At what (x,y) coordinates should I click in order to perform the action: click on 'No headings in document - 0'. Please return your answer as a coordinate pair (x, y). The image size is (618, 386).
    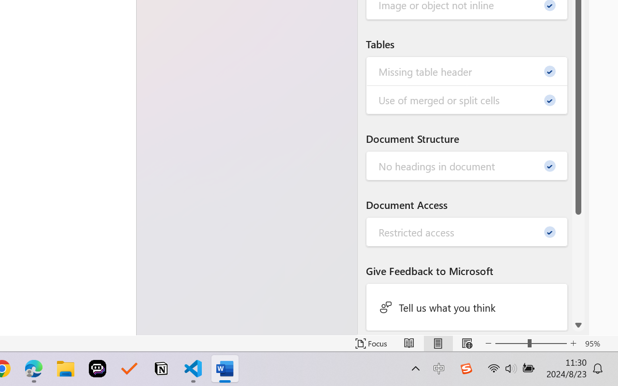
    Looking at the image, I should click on (467, 166).